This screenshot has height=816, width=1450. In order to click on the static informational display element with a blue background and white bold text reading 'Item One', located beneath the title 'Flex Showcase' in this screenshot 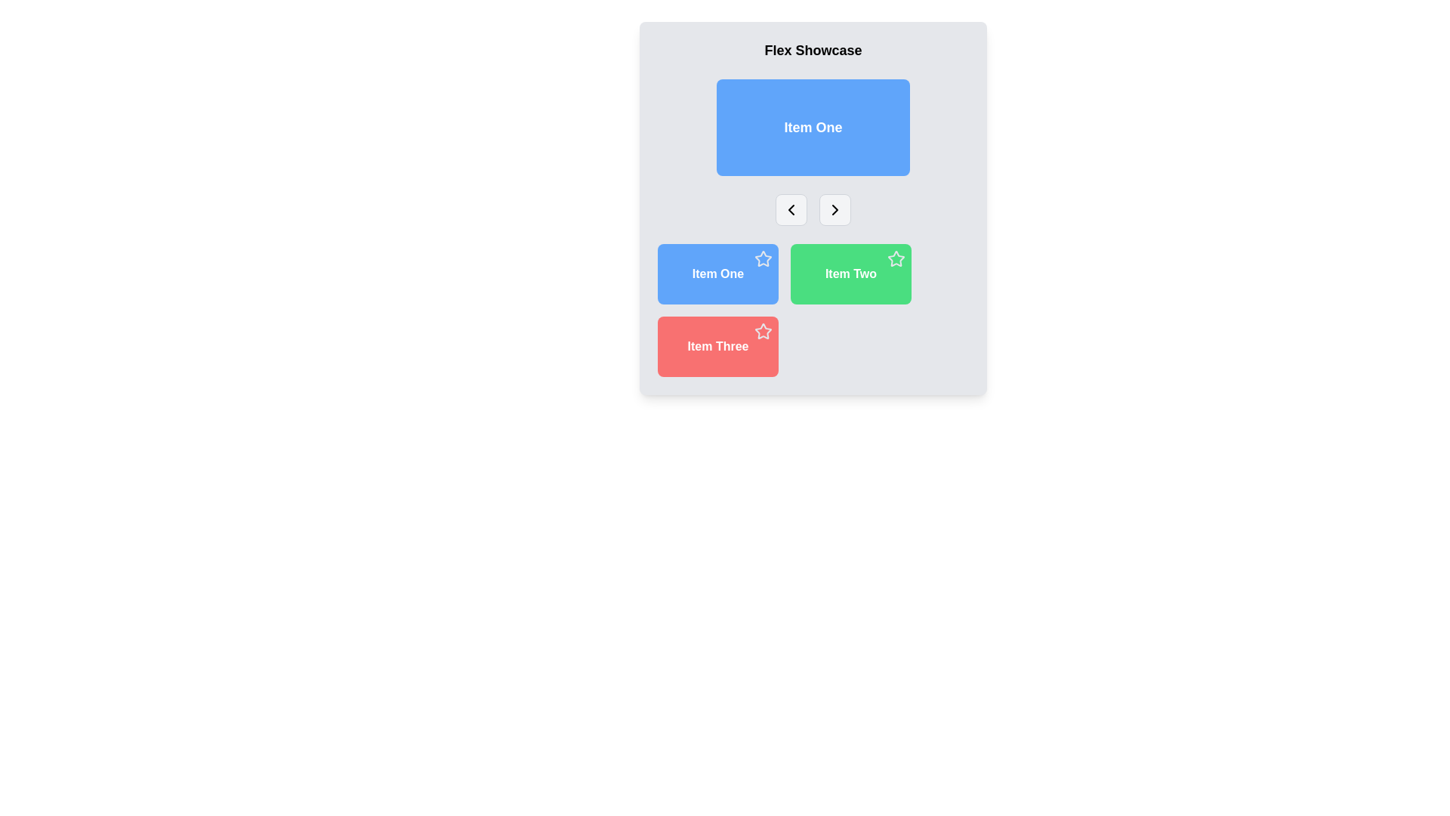, I will do `click(812, 127)`.